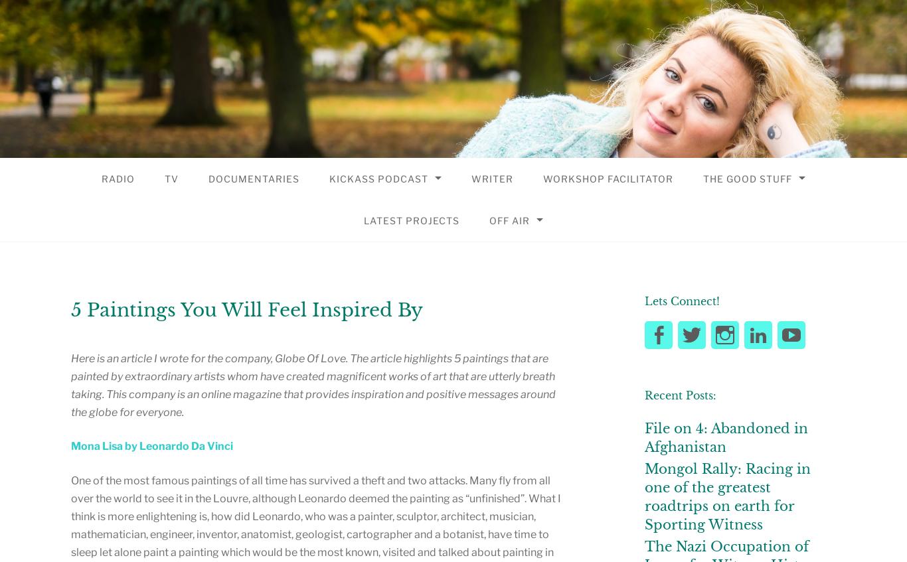  I want to click on 'Lets Connect!', so click(644, 301).